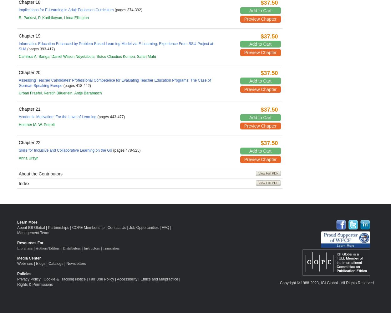  Describe the element at coordinates (88, 227) in the screenshot. I see `'COPE Membership'` at that location.